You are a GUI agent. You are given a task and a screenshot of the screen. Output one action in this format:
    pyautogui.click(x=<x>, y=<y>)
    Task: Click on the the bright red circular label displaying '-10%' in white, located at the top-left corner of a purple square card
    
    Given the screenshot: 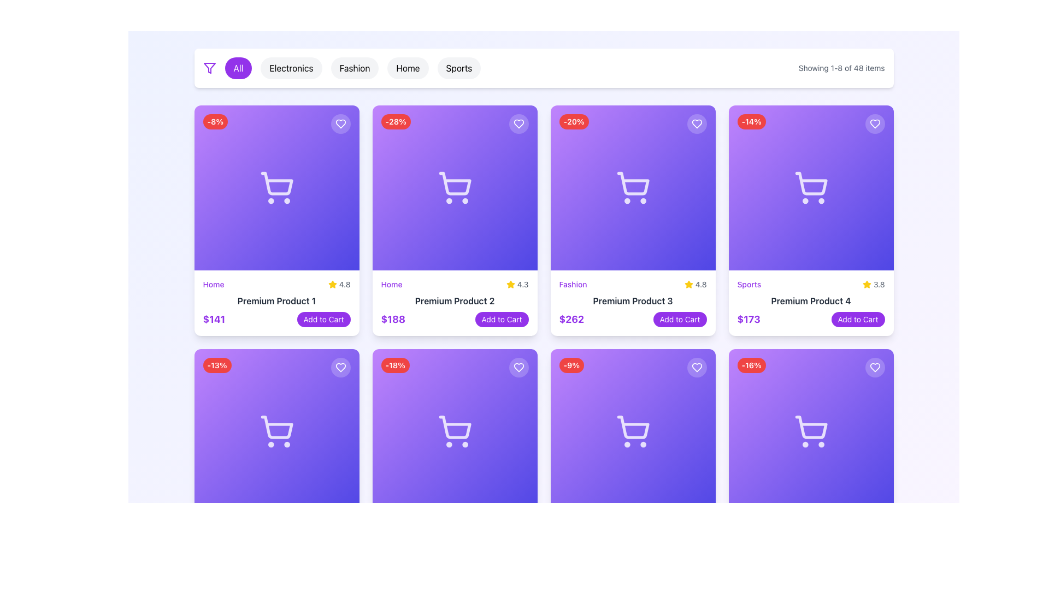 What is the action you would take?
    pyautogui.click(x=751, y=365)
    